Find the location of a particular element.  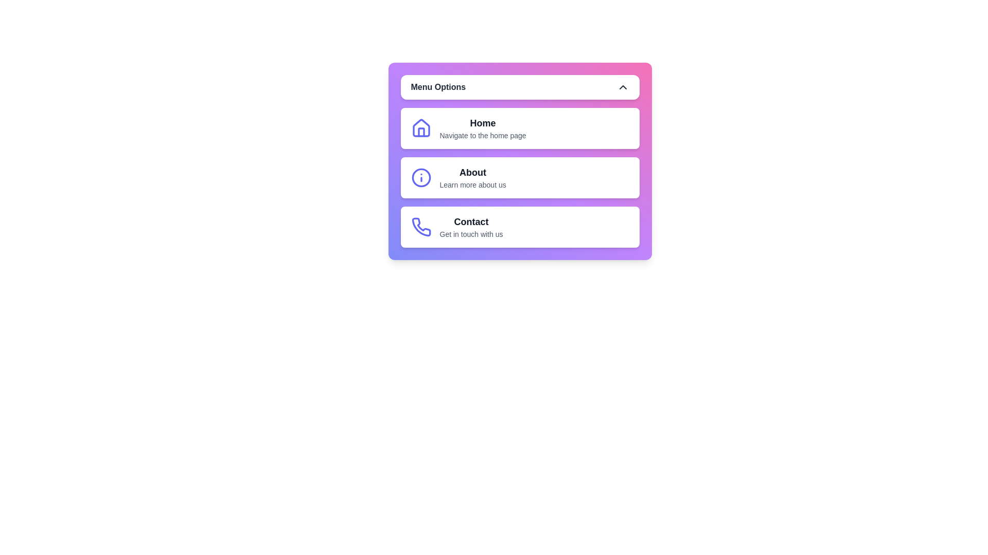

the menu item Home from the menu is located at coordinates (520, 128).